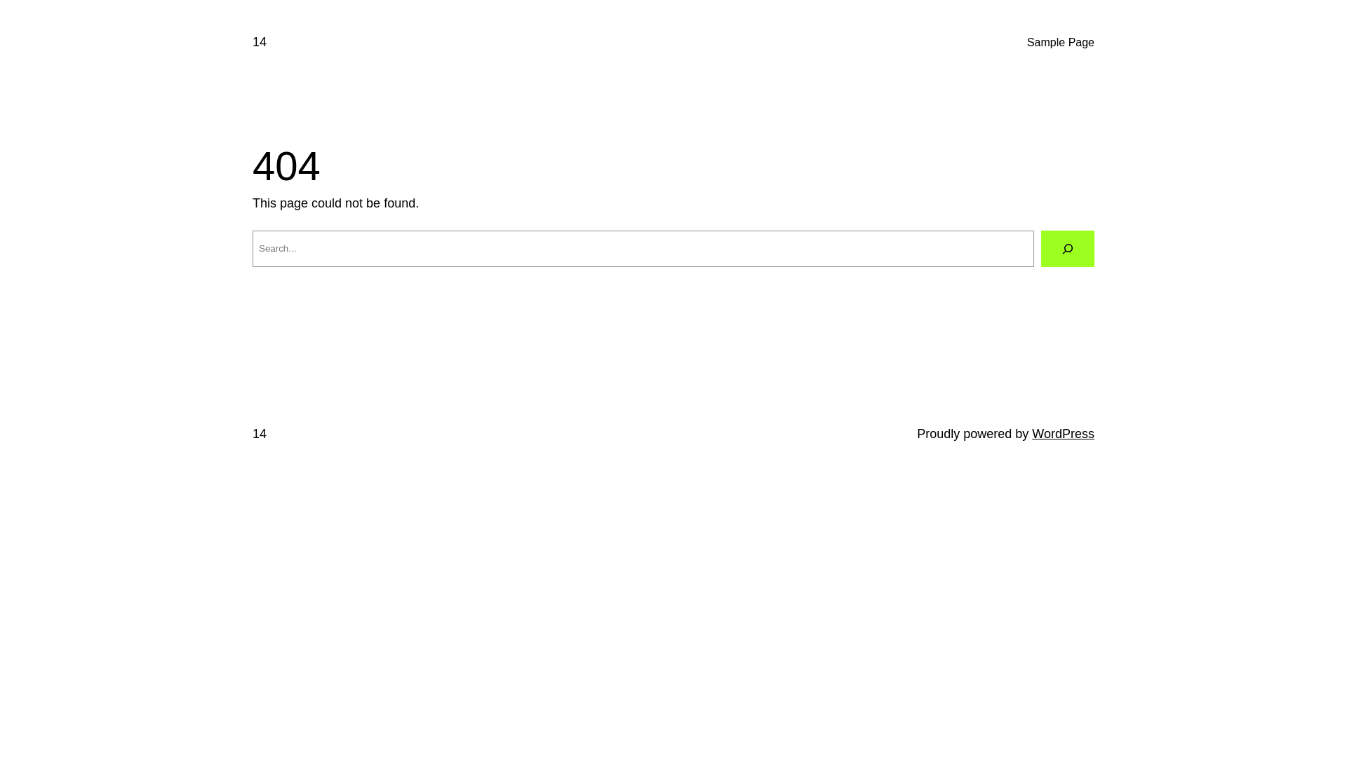  I want to click on '14', so click(259, 41).